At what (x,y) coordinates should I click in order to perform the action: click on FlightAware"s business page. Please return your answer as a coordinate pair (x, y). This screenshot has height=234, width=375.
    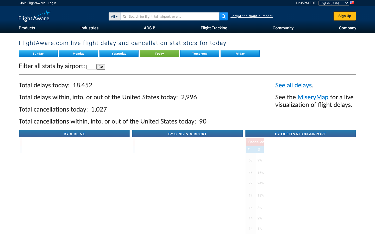
    Looking at the image, I should click on (347, 27).